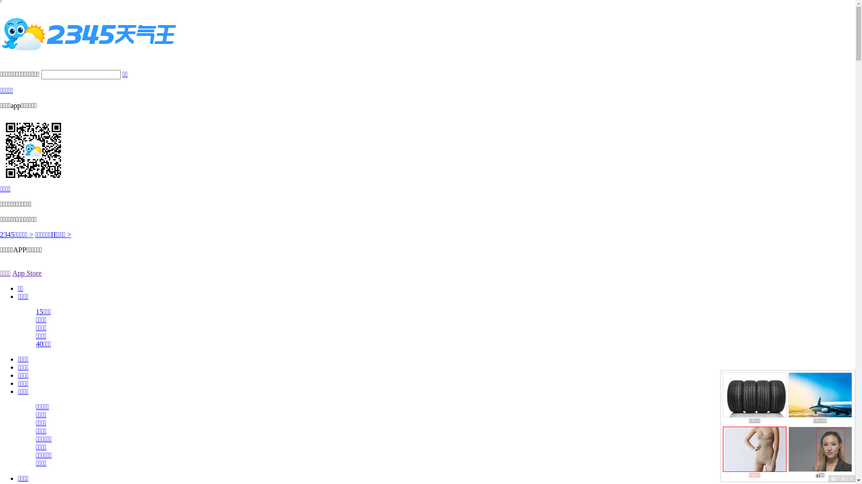  Describe the element at coordinates (26, 272) in the screenshot. I see `'App Store'` at that location.